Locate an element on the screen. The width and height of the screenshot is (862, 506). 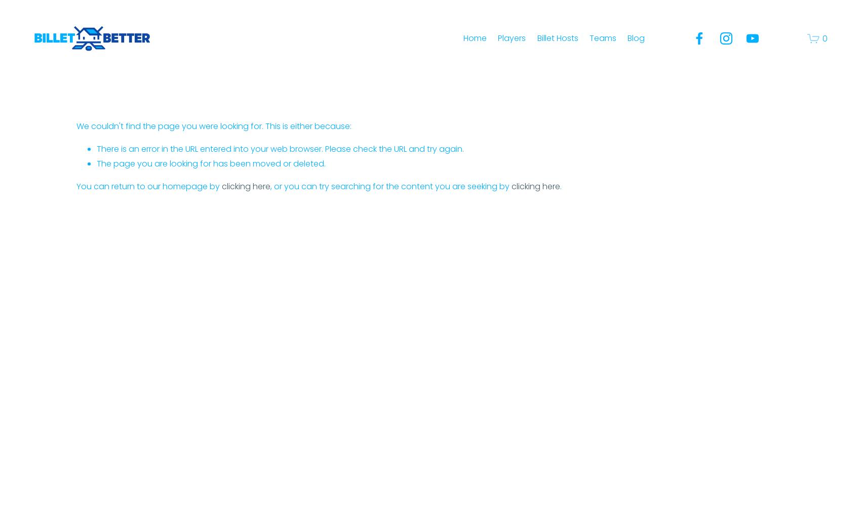
'We couldn't find the page you were looking for. This is either because:' is located at coordinates (214, 125).